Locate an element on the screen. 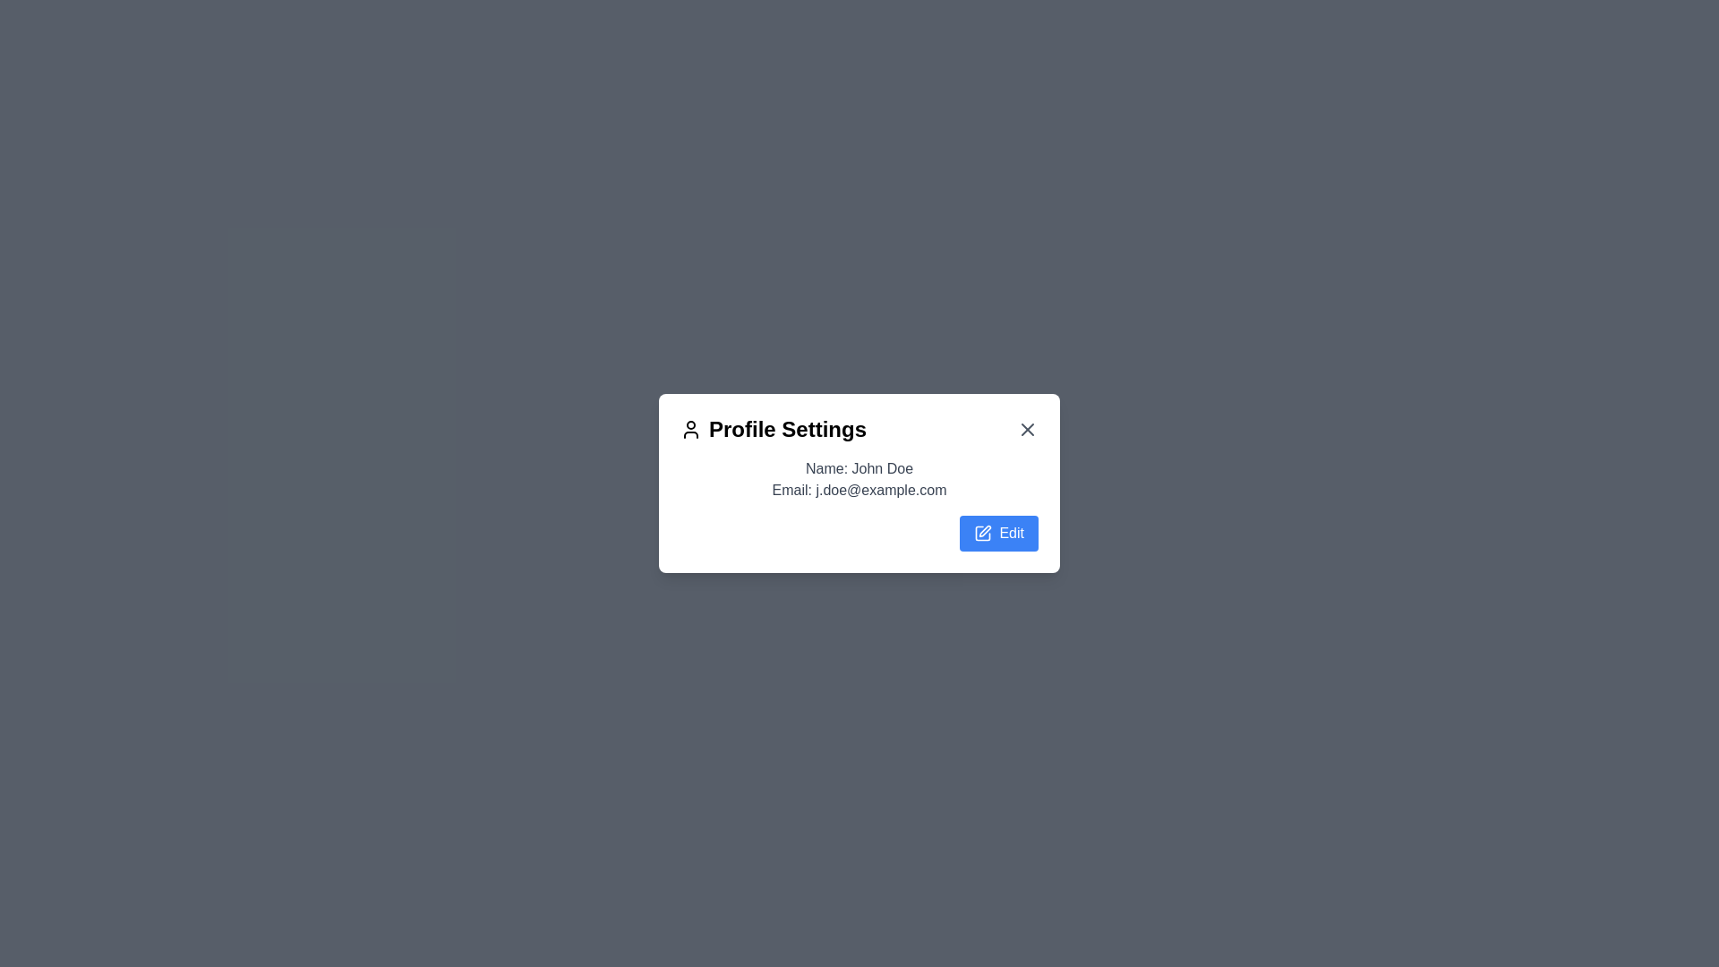 Image resolution: width=1719 pixels, height=967 pixels. the information displayed in the text element that shows 'Name: John Doe' and 'Email: j.doe@example.com', located in the center of the 'Profile Settings' card layout is located at coordinates (859, 504).